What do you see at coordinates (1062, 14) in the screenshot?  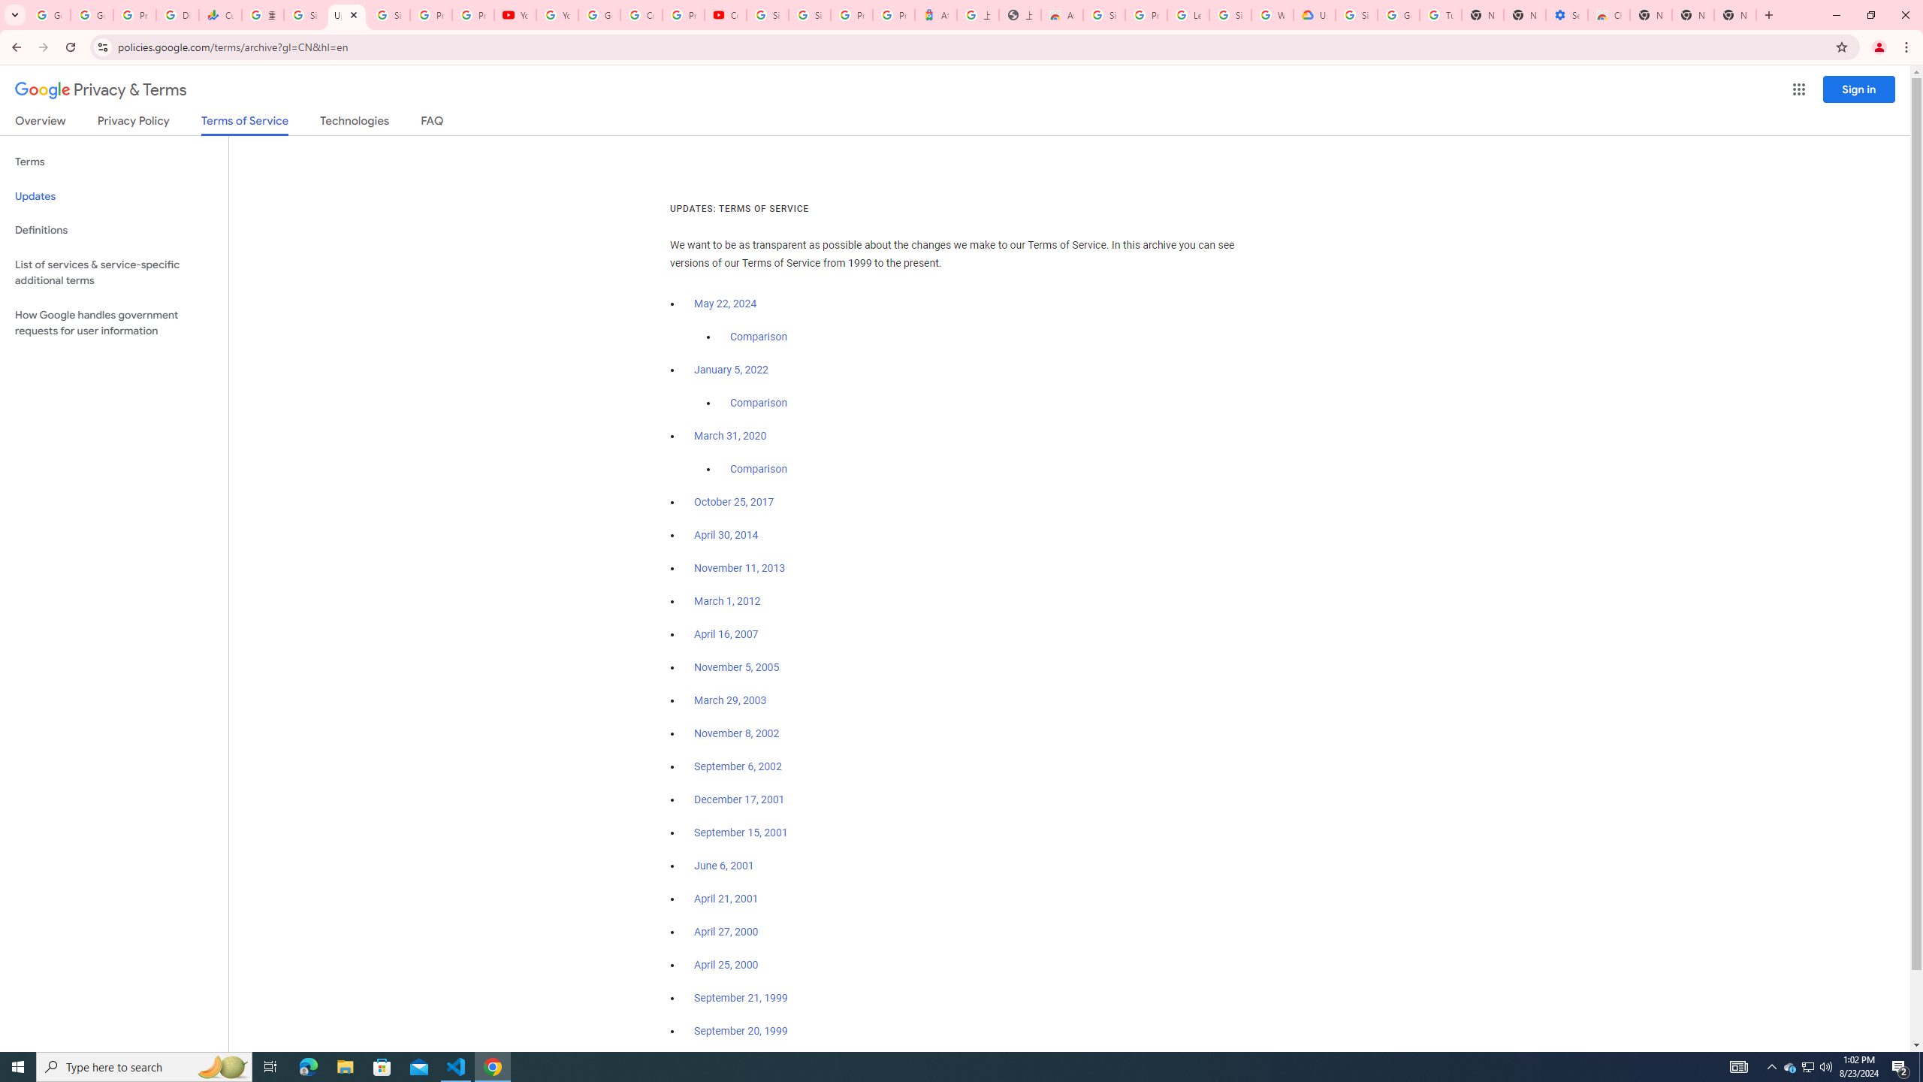 I see `'Awesome Screen Recorder & Screenshot - Chrome Web Store'` at bounding box center [1062, 14].